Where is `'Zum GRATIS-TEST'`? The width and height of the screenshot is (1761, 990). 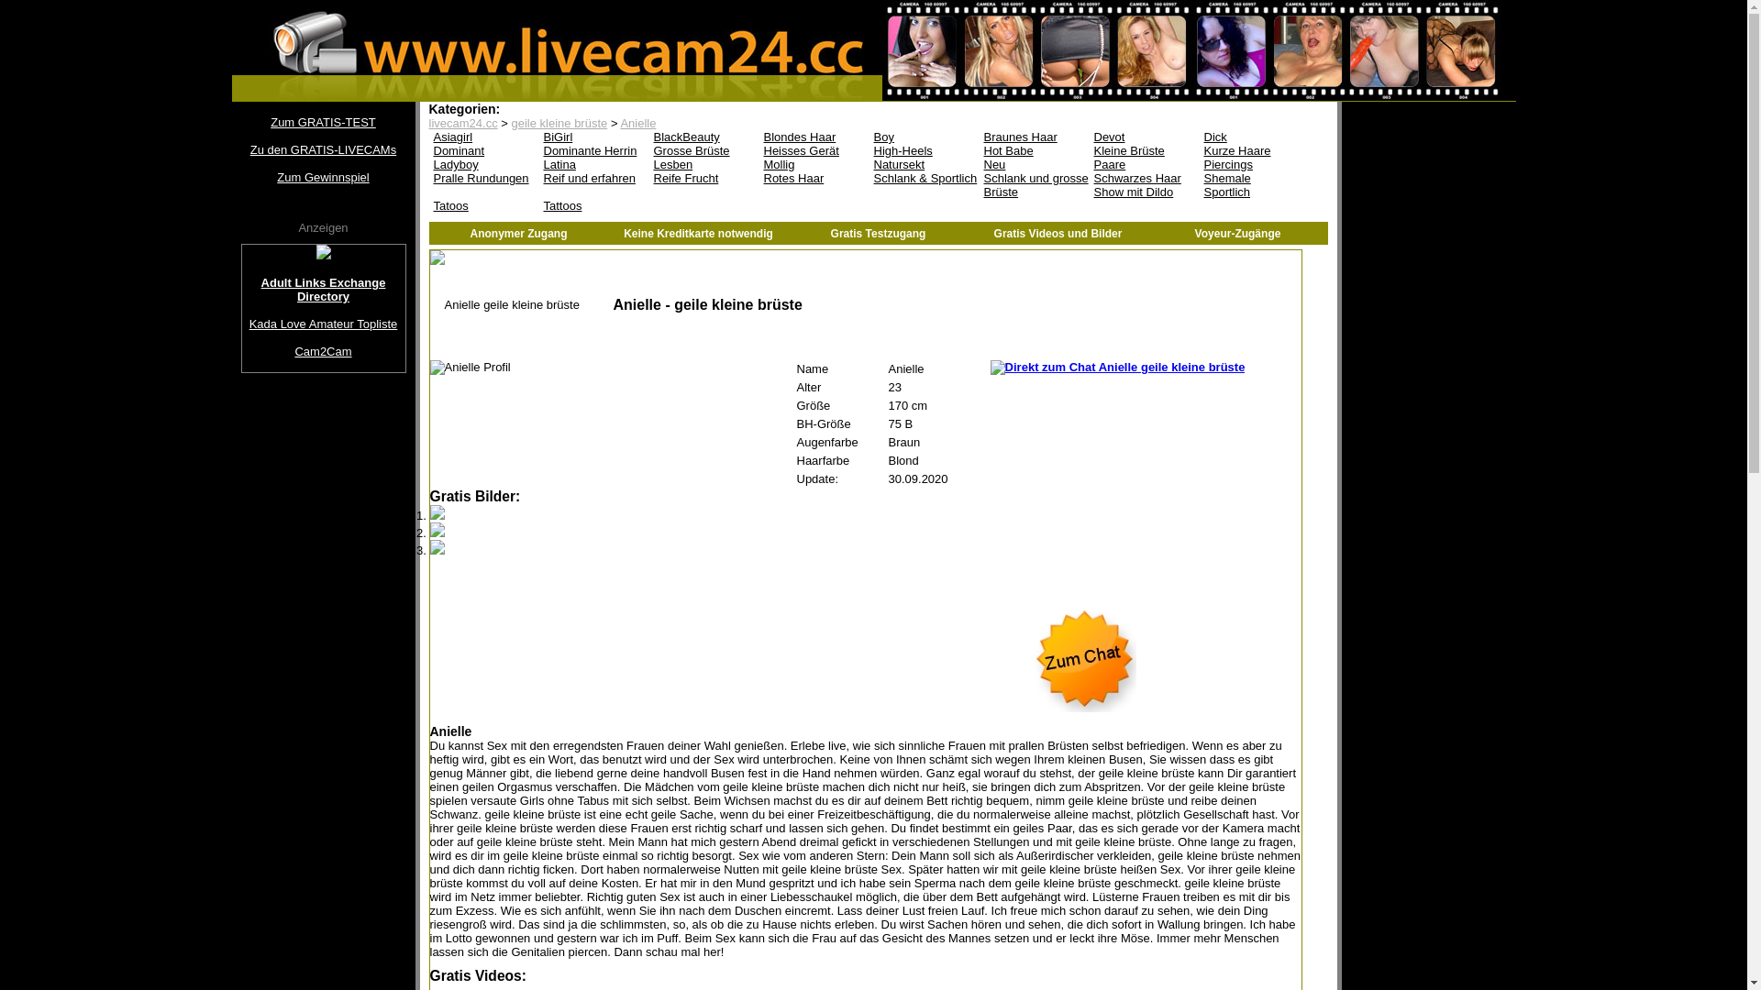
'Zum GRATIS-TEST' is located at coordinates (322, 122).